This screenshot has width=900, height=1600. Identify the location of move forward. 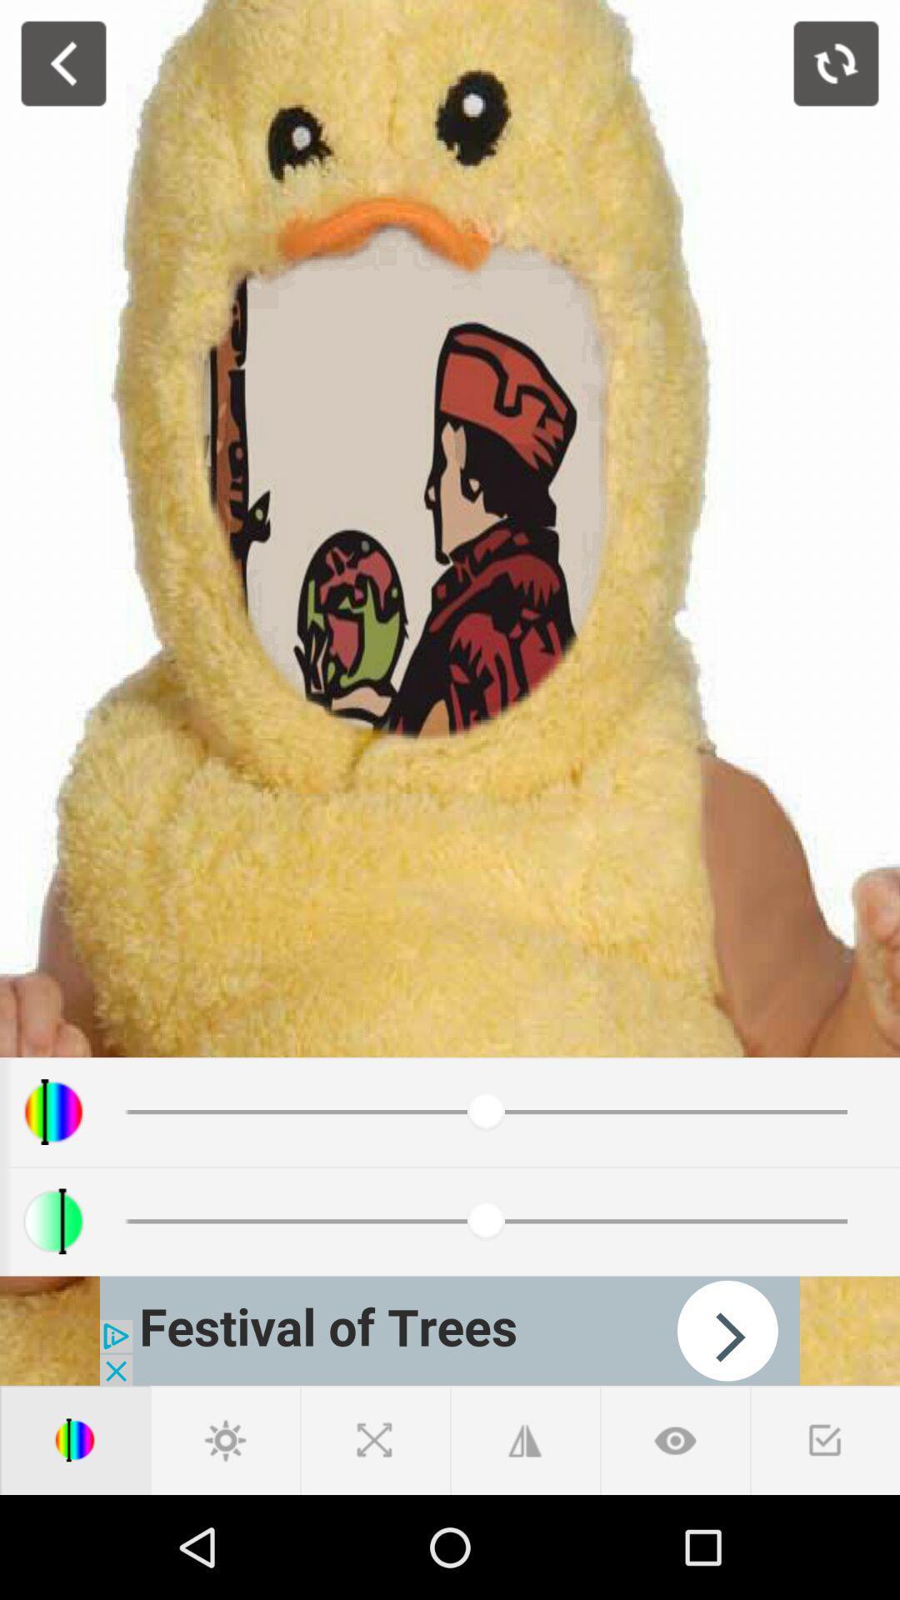
(450, 1330).